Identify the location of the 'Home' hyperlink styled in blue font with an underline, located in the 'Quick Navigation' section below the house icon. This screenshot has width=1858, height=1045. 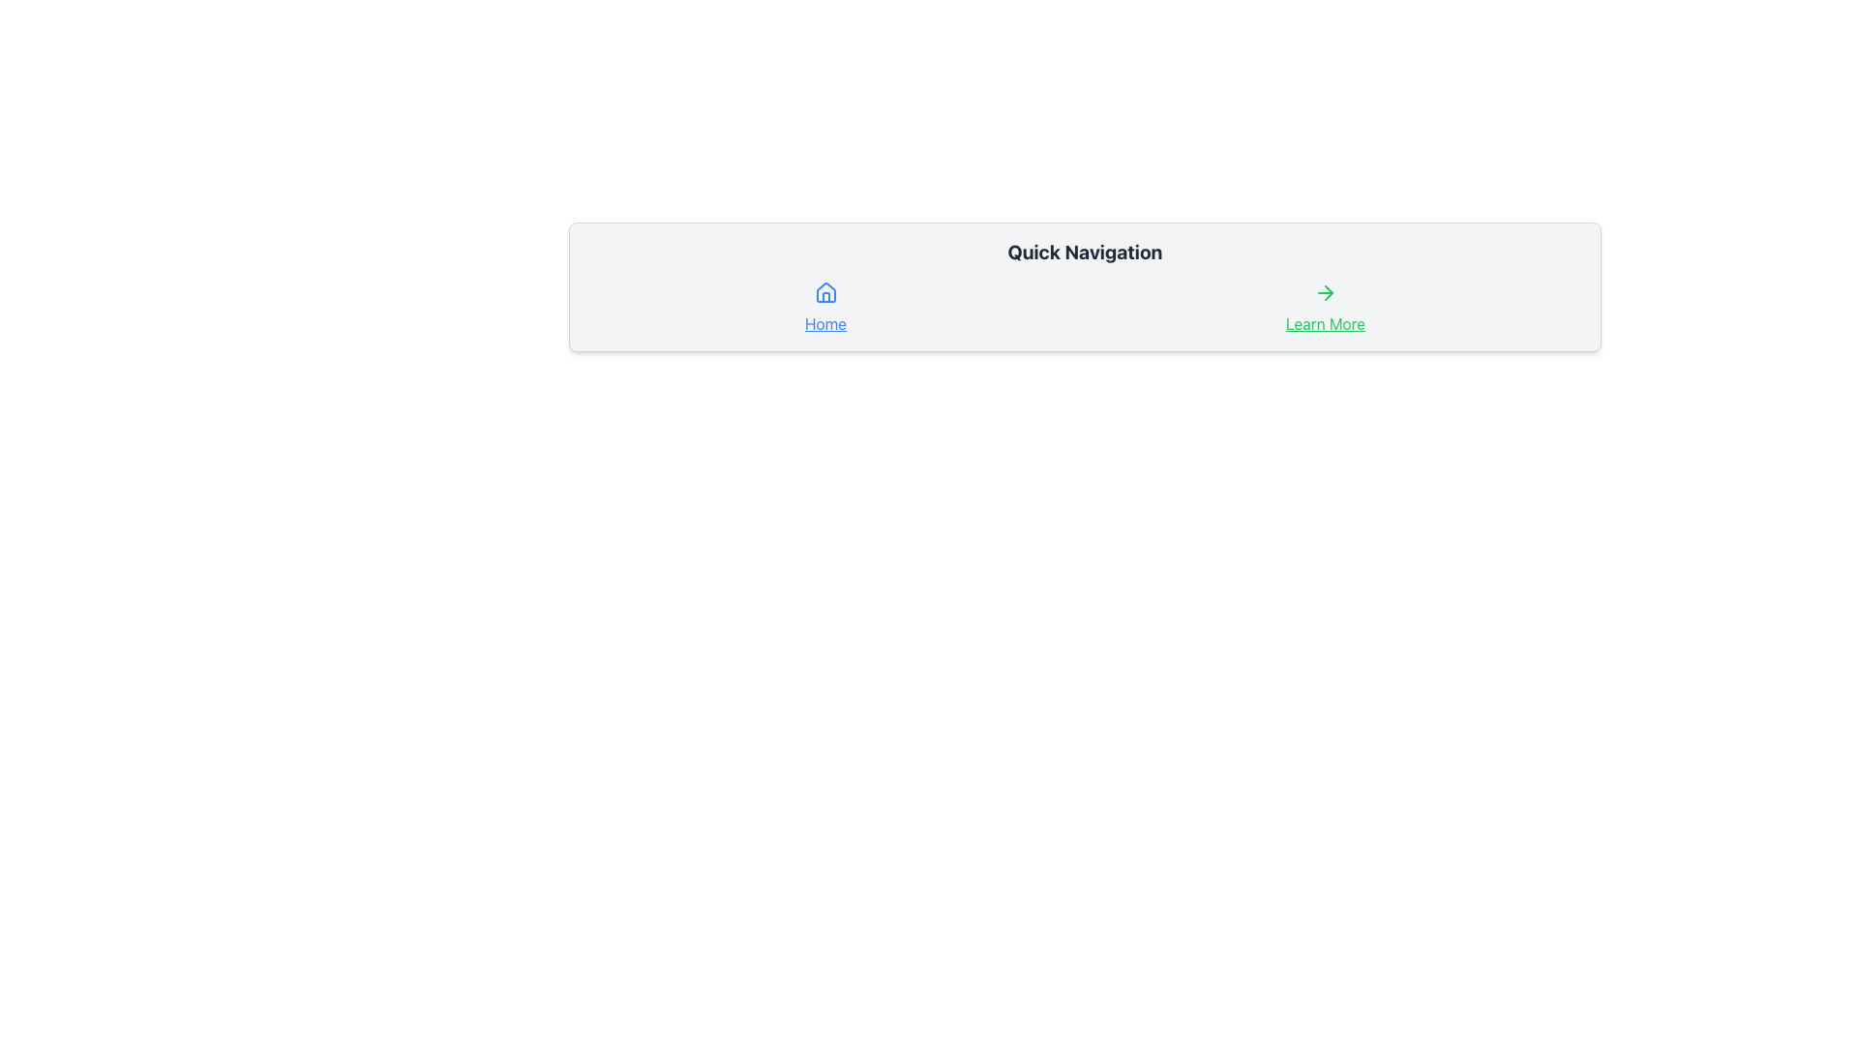
(825, 323).